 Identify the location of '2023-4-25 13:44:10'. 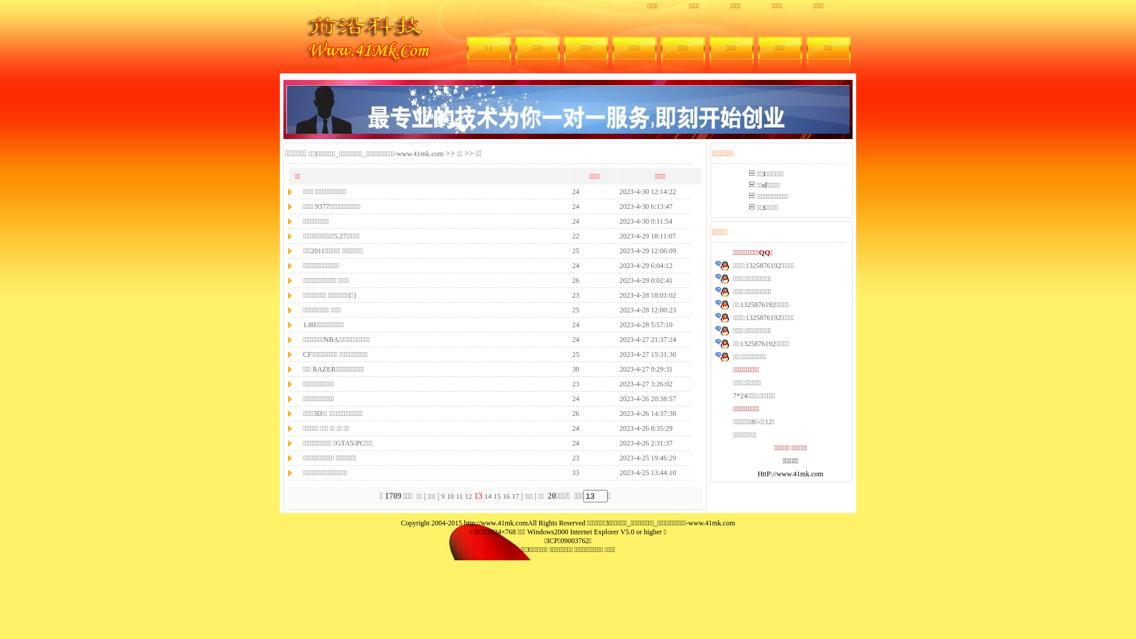
(618, 472).